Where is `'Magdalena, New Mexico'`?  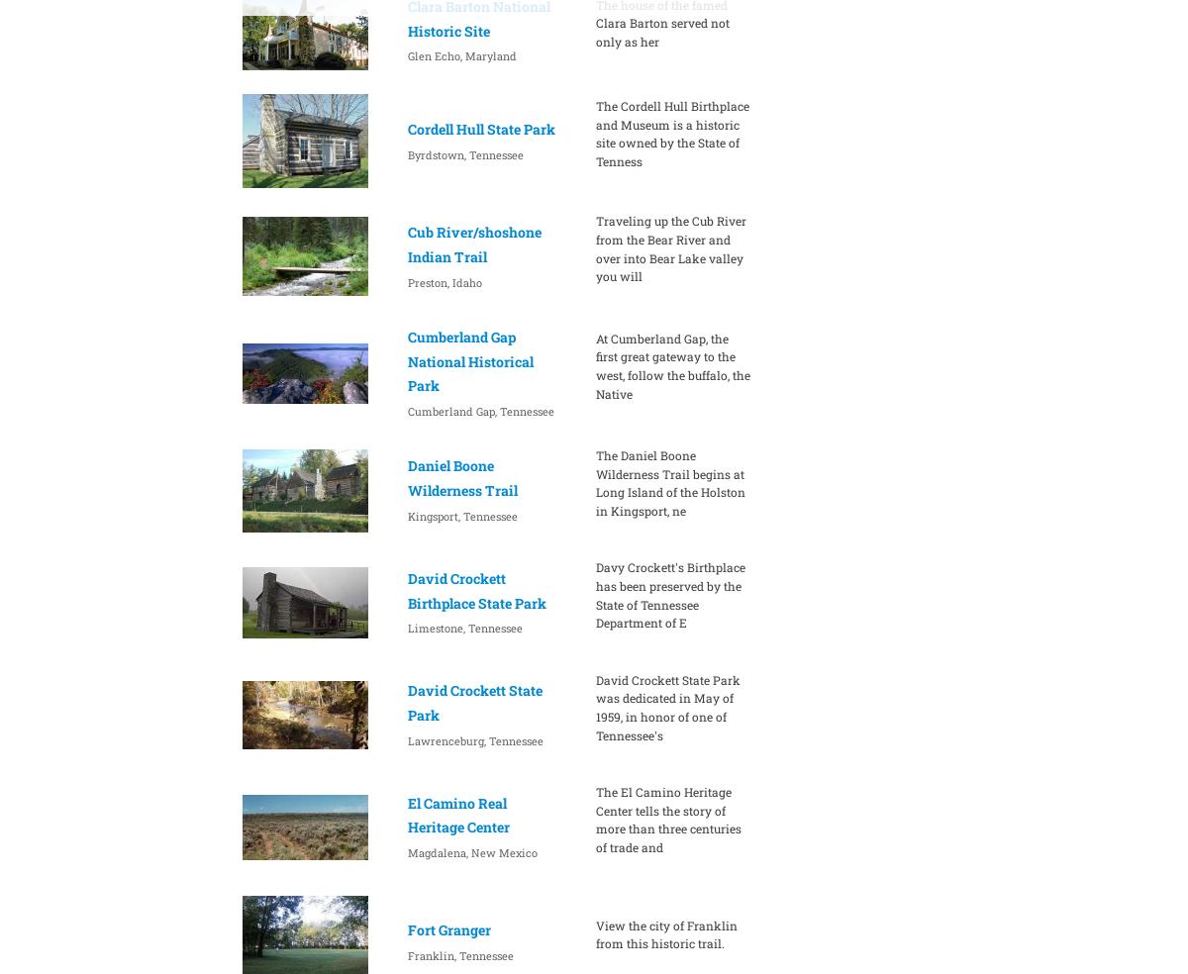
'Magdalena, New Mexico' is located at coordinates (470, 851).